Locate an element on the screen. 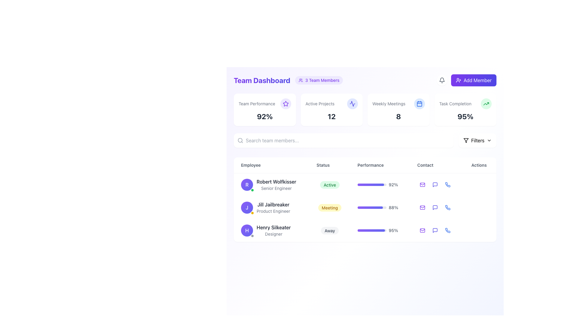 This screenshot has width=577, height=325. the transparent SVG rectangle shape of the envelope icon corresponding to the 'Jill Jailbreaker' entry is located at coordinates (422, 207).